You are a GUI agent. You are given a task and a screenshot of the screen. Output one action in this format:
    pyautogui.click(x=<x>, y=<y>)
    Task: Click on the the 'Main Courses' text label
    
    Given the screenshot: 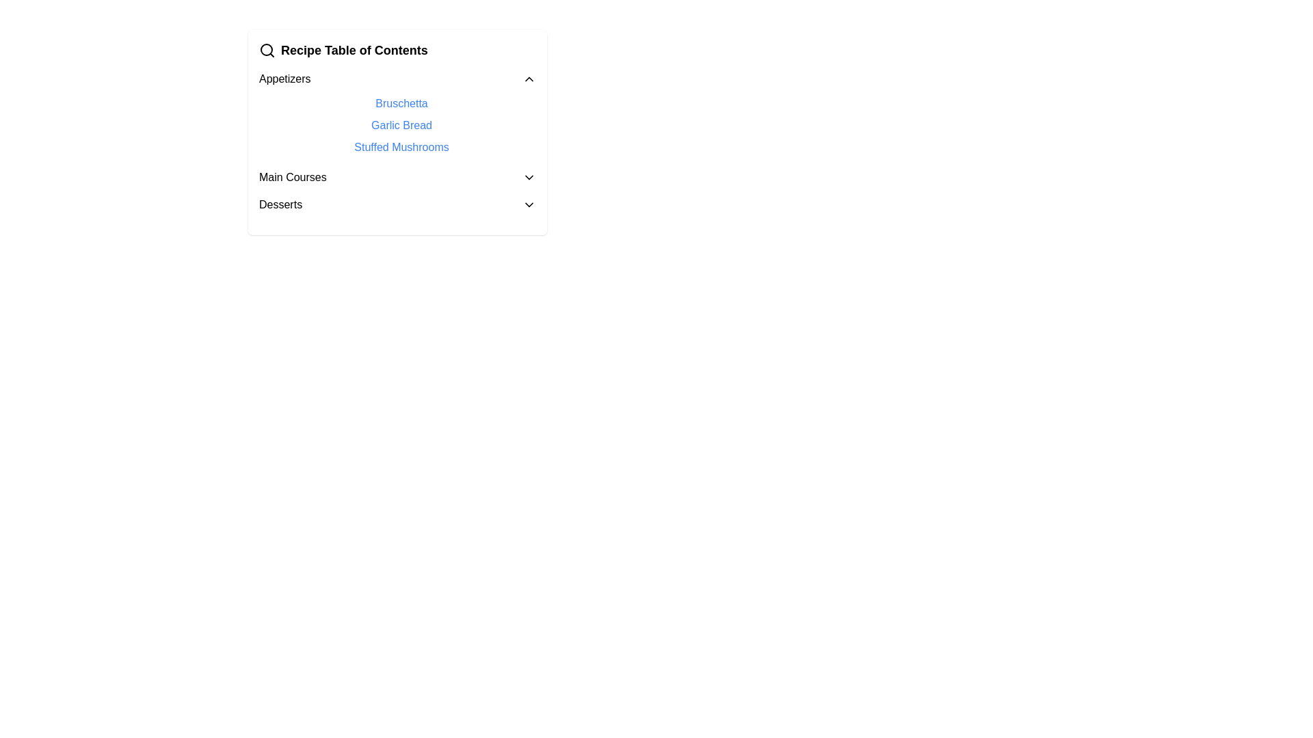 What is the action you would take?
    pyautogui.click(x=292, y=176)
    